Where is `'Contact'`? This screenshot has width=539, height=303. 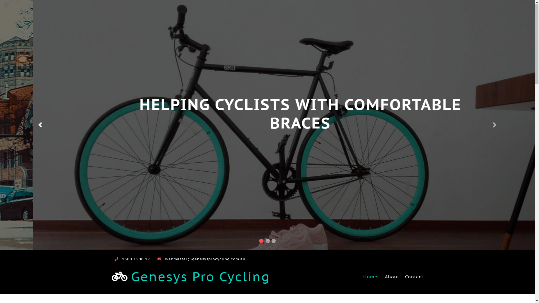
'Contact' is located at coordinates (413, 277).